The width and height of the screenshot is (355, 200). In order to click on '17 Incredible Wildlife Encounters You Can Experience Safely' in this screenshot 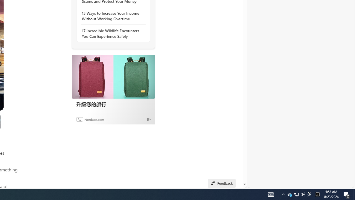, I will do `click(111, 33)`.